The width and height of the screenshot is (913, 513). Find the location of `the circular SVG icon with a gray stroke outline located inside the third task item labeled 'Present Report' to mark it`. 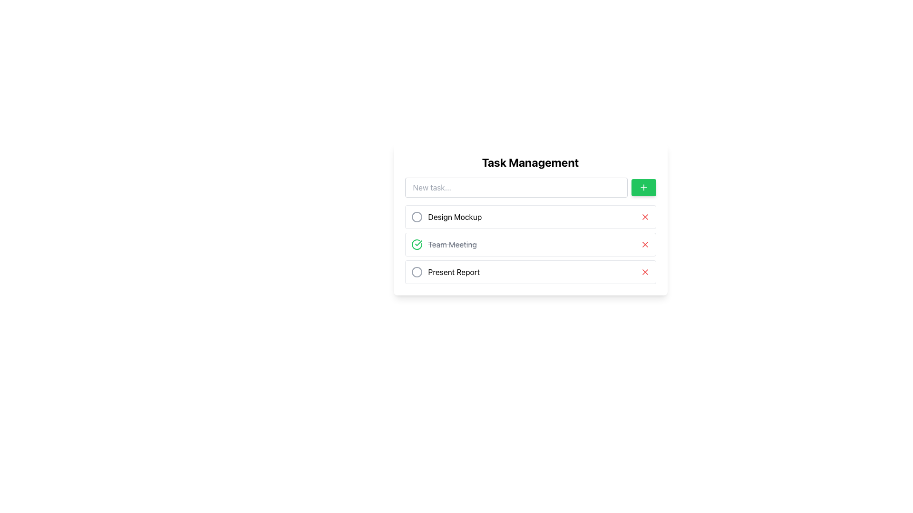

the circular SVG icon with a gray stroke outline located inside the third task item labeled 'Present Report' to mark it is located at coordinates (417, 272).